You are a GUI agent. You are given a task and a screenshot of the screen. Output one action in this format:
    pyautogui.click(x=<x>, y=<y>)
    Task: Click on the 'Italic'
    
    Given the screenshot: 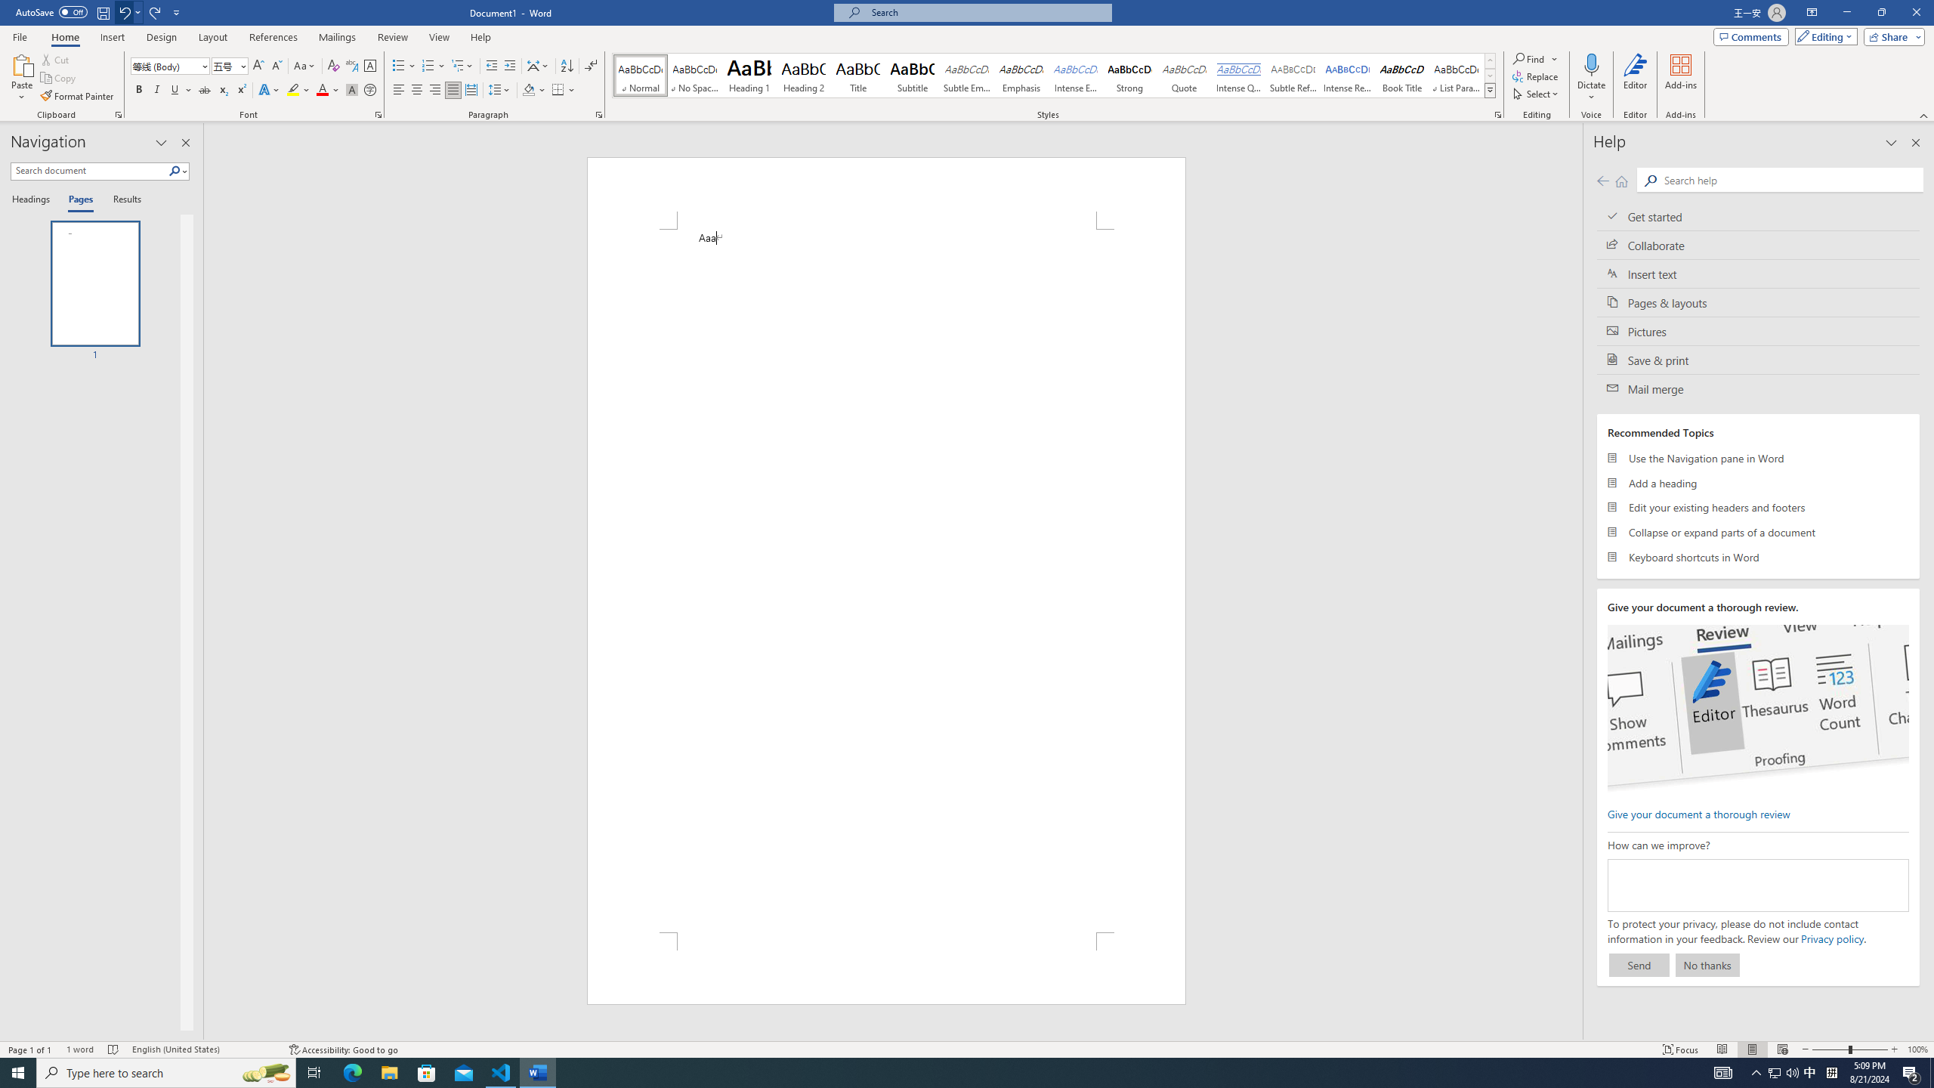 What is the action you would take?
    pyautogui.click(x=156, y=89)
    